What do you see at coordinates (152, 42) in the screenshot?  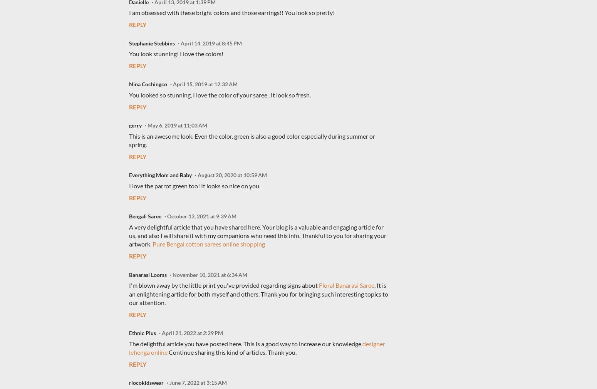 I see `'Stephanie Stebbins'` at bounding box center [152, 42].